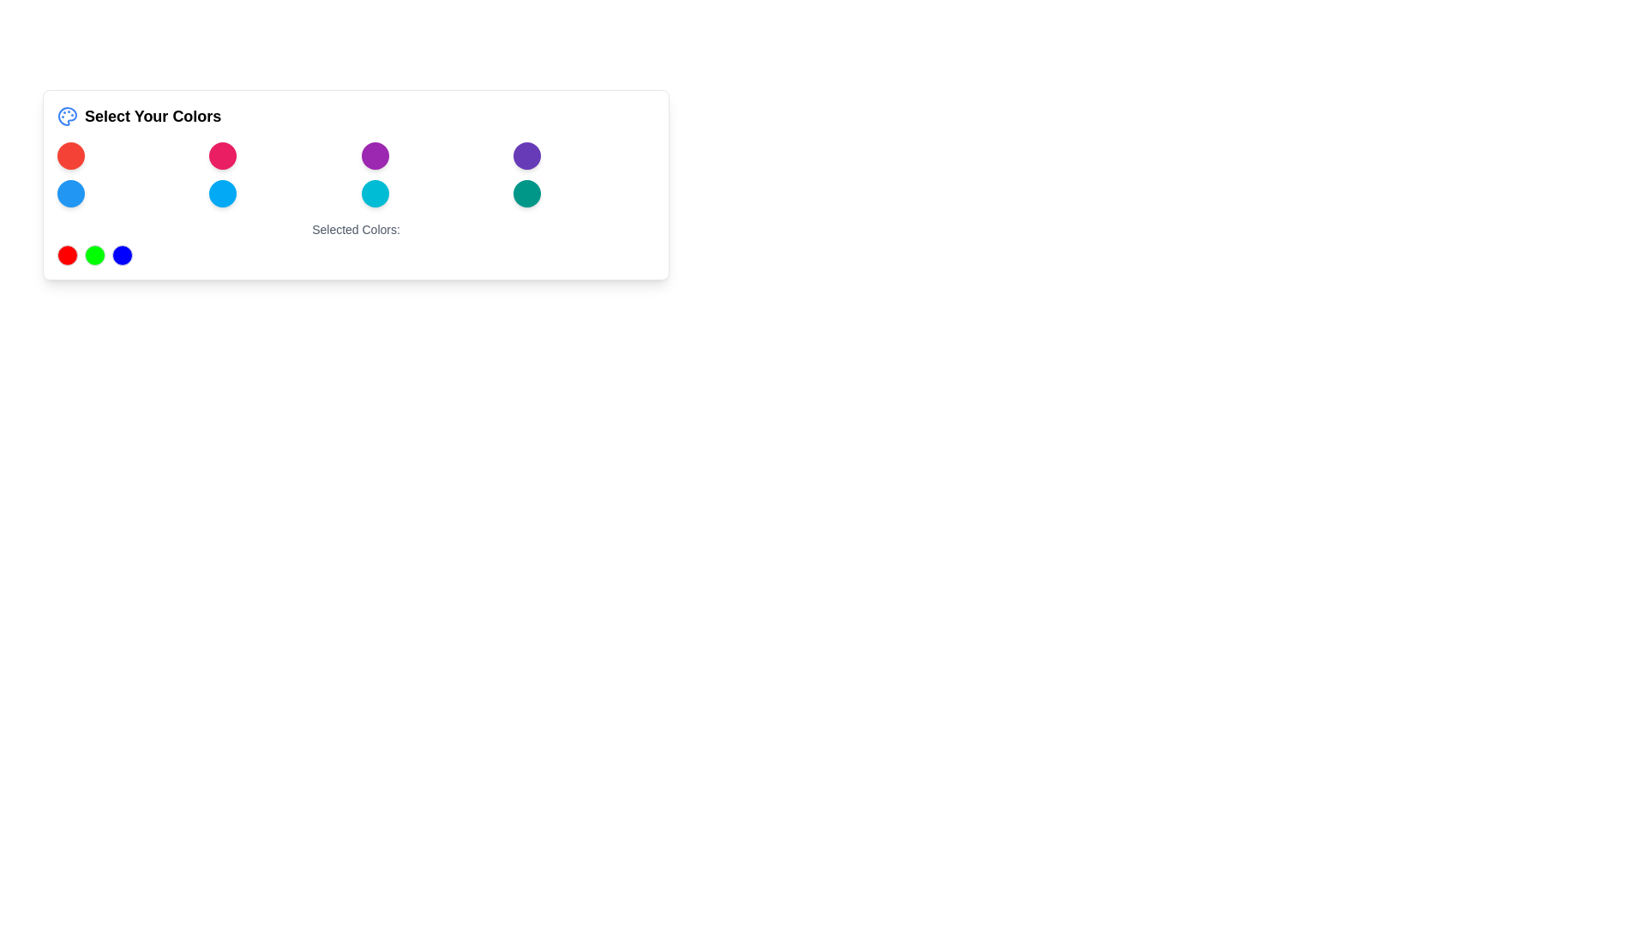 The image size is (1646, 926). I want to click on the small, round blue button located in the first column of the second row of the grid, so click(69, 193).